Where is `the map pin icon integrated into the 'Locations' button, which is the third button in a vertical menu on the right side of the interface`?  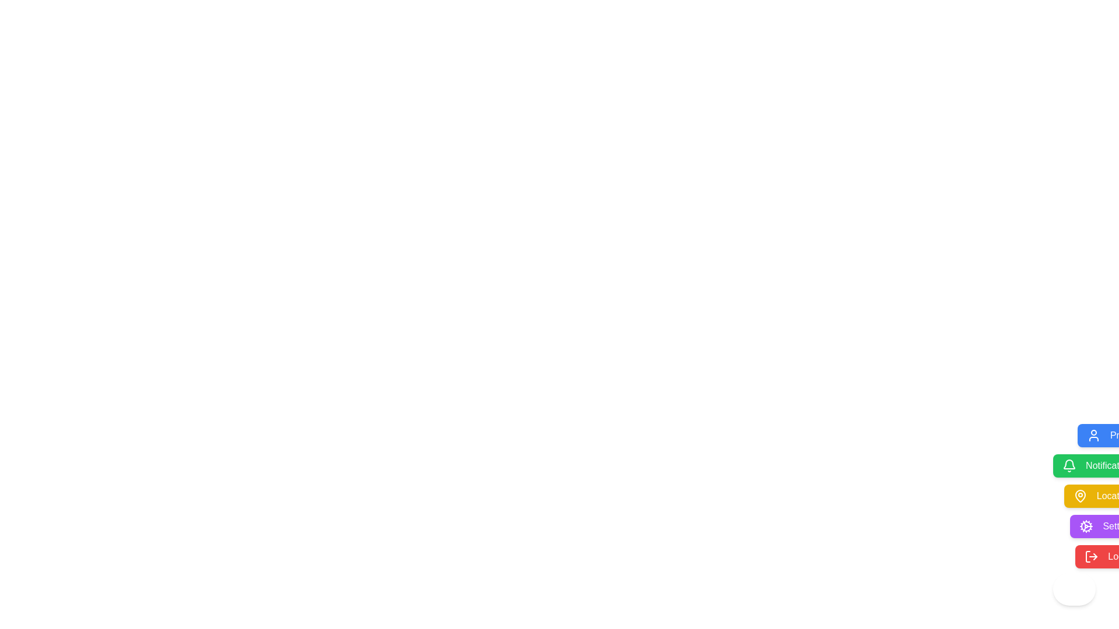
the map pin icon integrated into the 'Locations' button, which is the third button in a vertical menu on the right side of the interface is located at coordinates (1079, 496).